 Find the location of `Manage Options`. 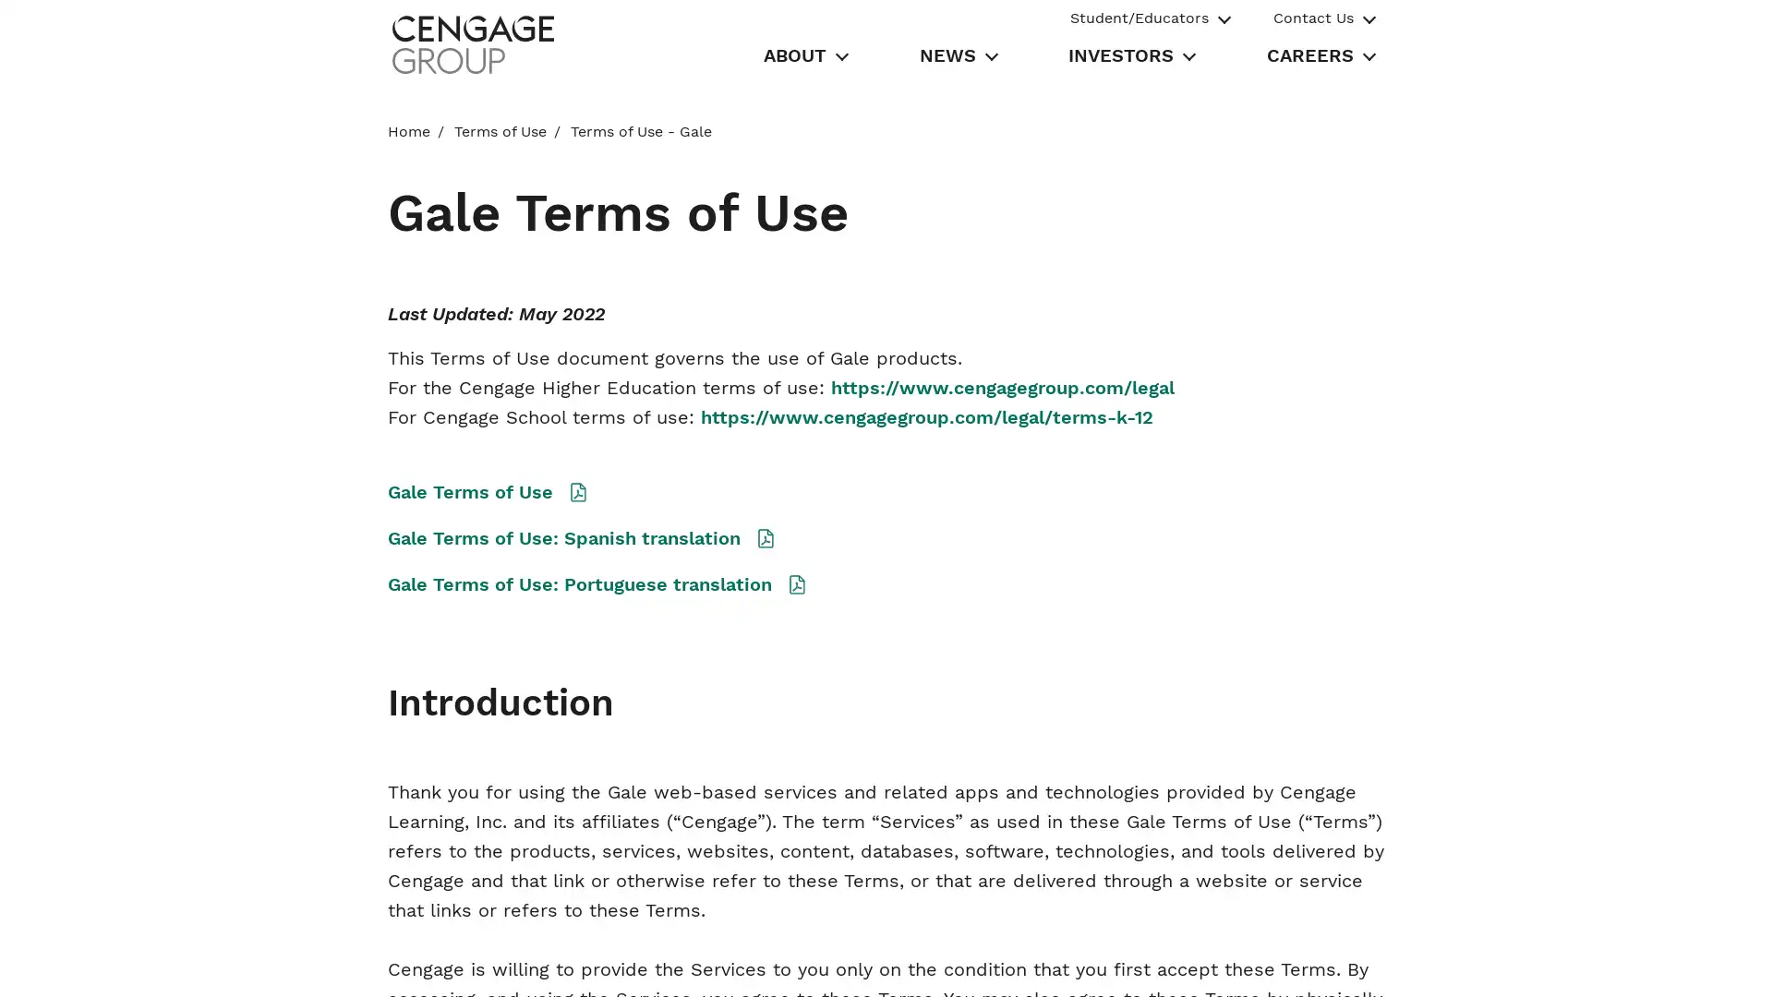

Manage Options is located at coordinates (1291, 961).